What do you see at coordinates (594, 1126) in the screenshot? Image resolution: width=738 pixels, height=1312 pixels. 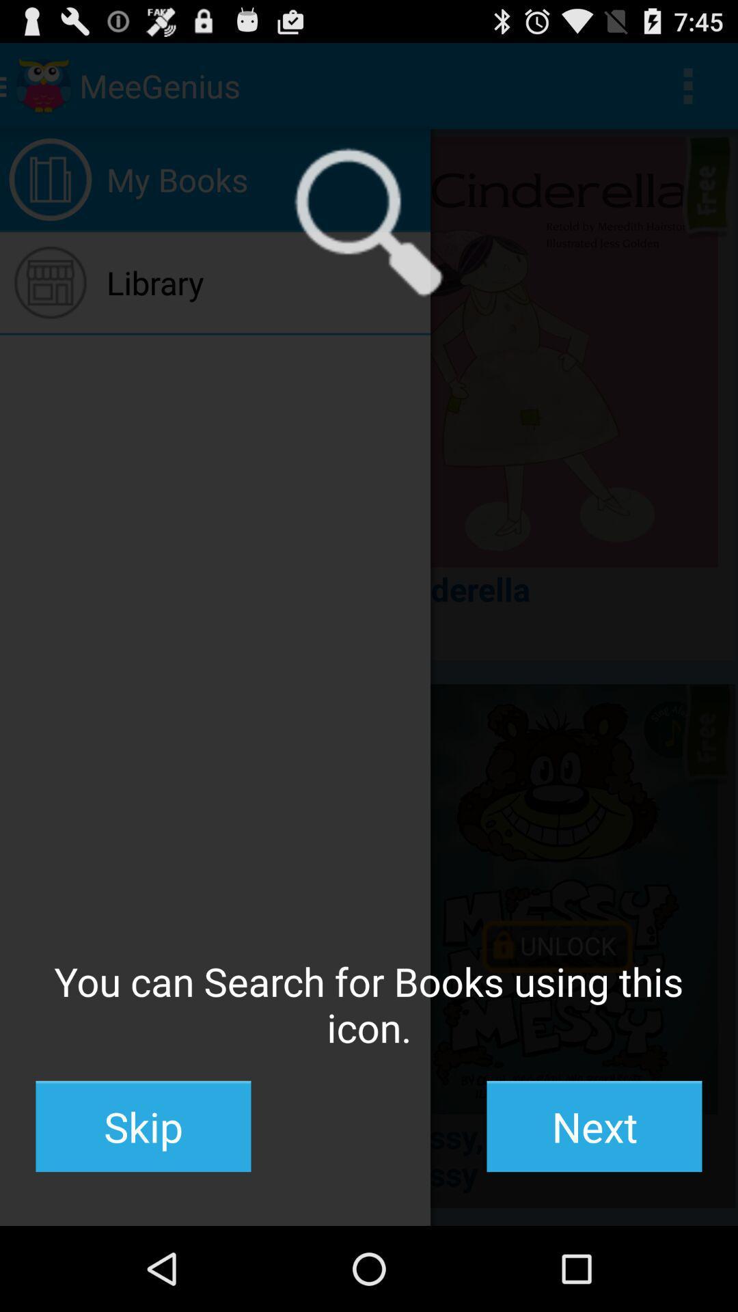 I see `icon at the bottom right corner` at bounding box center [594, 1126].